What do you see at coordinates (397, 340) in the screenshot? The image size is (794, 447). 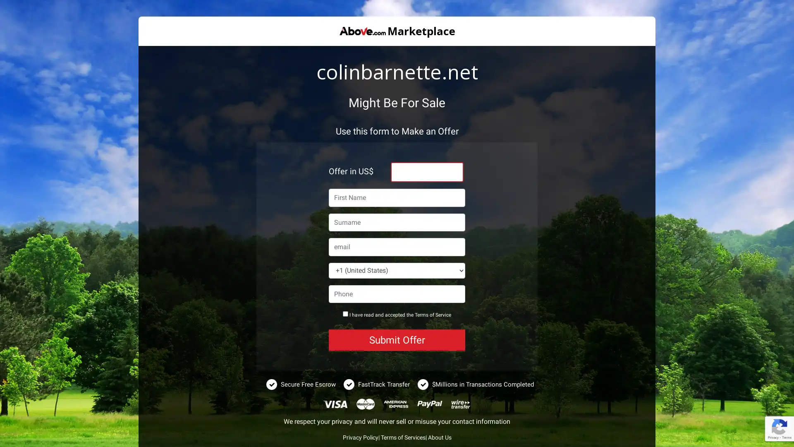 I see `Submit Offer` at bounding box center [397, 340].